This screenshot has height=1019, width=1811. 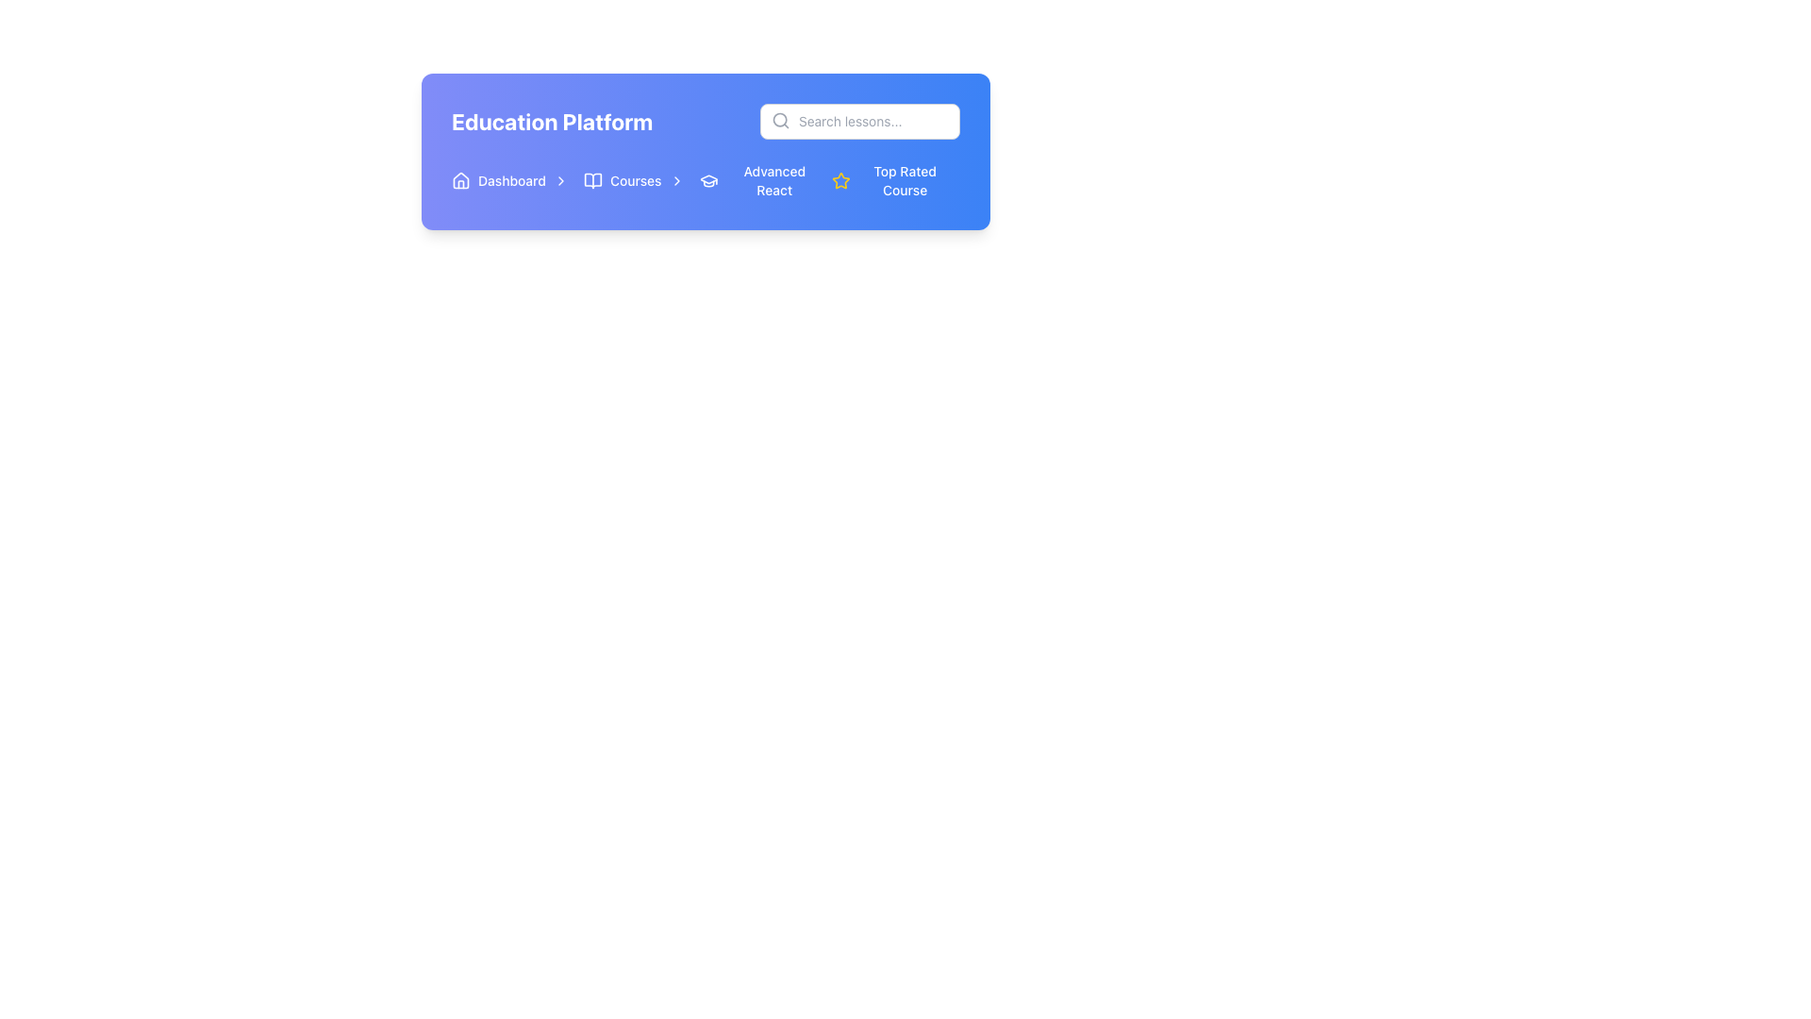 What do you see at coordinates (859, 121) in the screenshot?
I see `the search input field located in the top-right corner of the header bar, adjacent to 'Education Platform'` at bounding box center [859, 121].